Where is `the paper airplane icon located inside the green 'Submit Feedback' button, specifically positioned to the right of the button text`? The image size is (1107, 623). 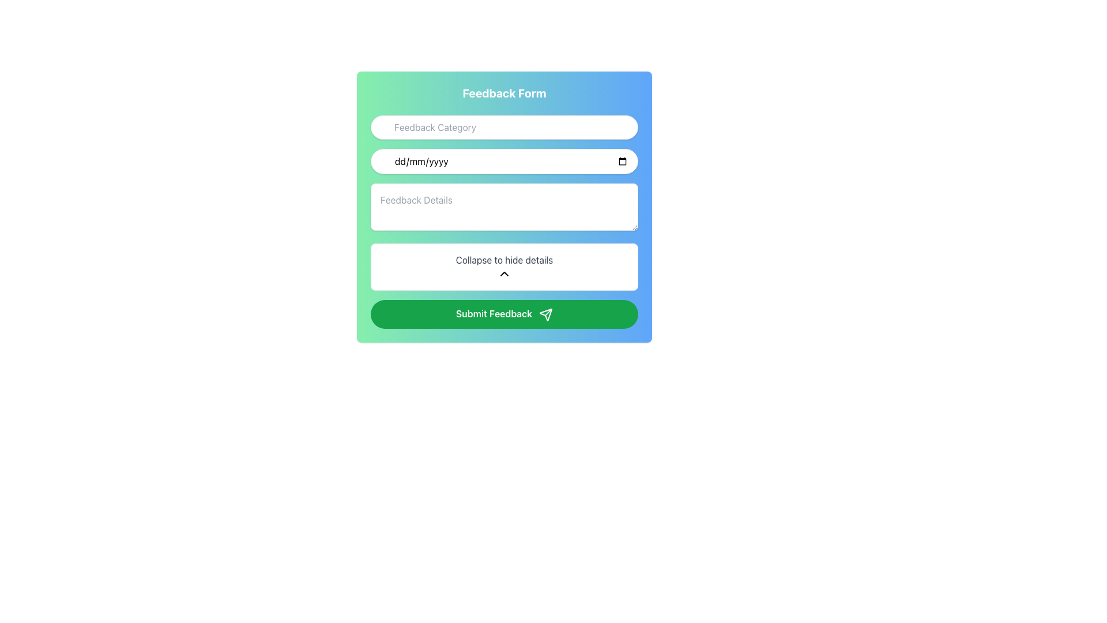
the paper airplane icon located inside the green 'Submit Feedback' button, specifically positioned to the right of the button text is located at coordinates (545, 314).